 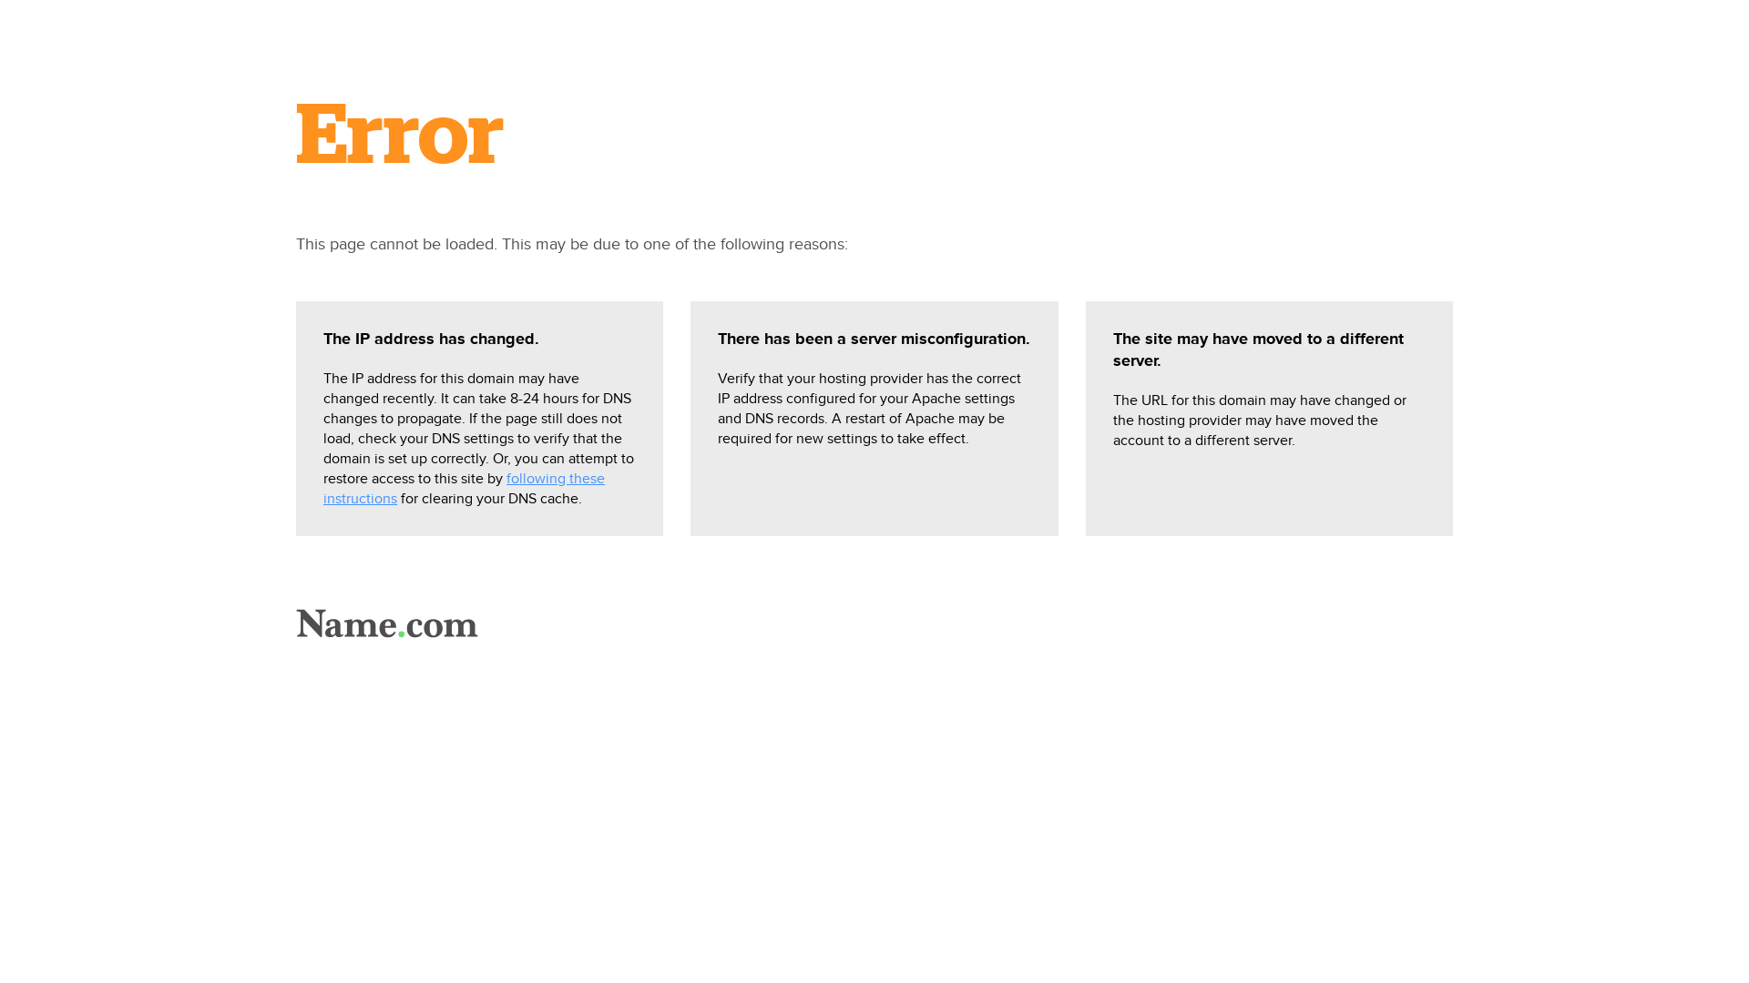 What do you see at coordinates (464, 487) in the screenshot?
I see `'following these instructions'` at bounding box center [464, 487].